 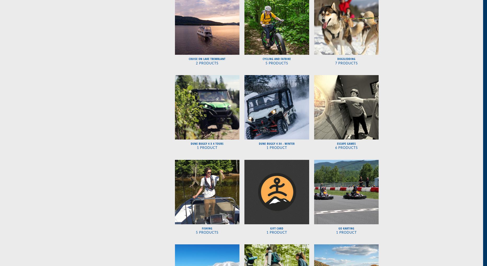 What do you see at coordinates (207, 143) in the screenshot?
I see `'Dune Buggy 4 x 4 Tours'` at bounding box center [207, 143].